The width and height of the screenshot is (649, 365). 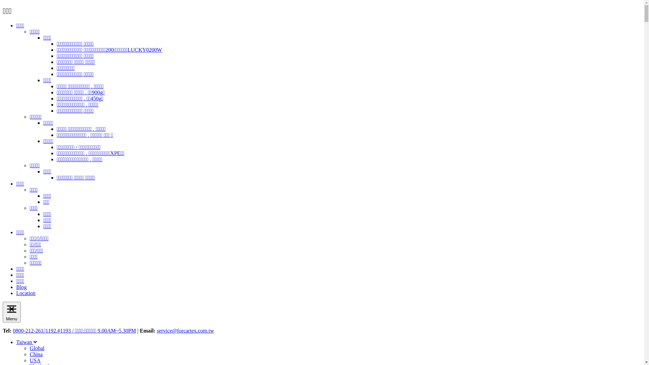 What do you see at coordinates (26, 293) in the screenshot?
I see `'Location'` at bounding box center [26, 293].